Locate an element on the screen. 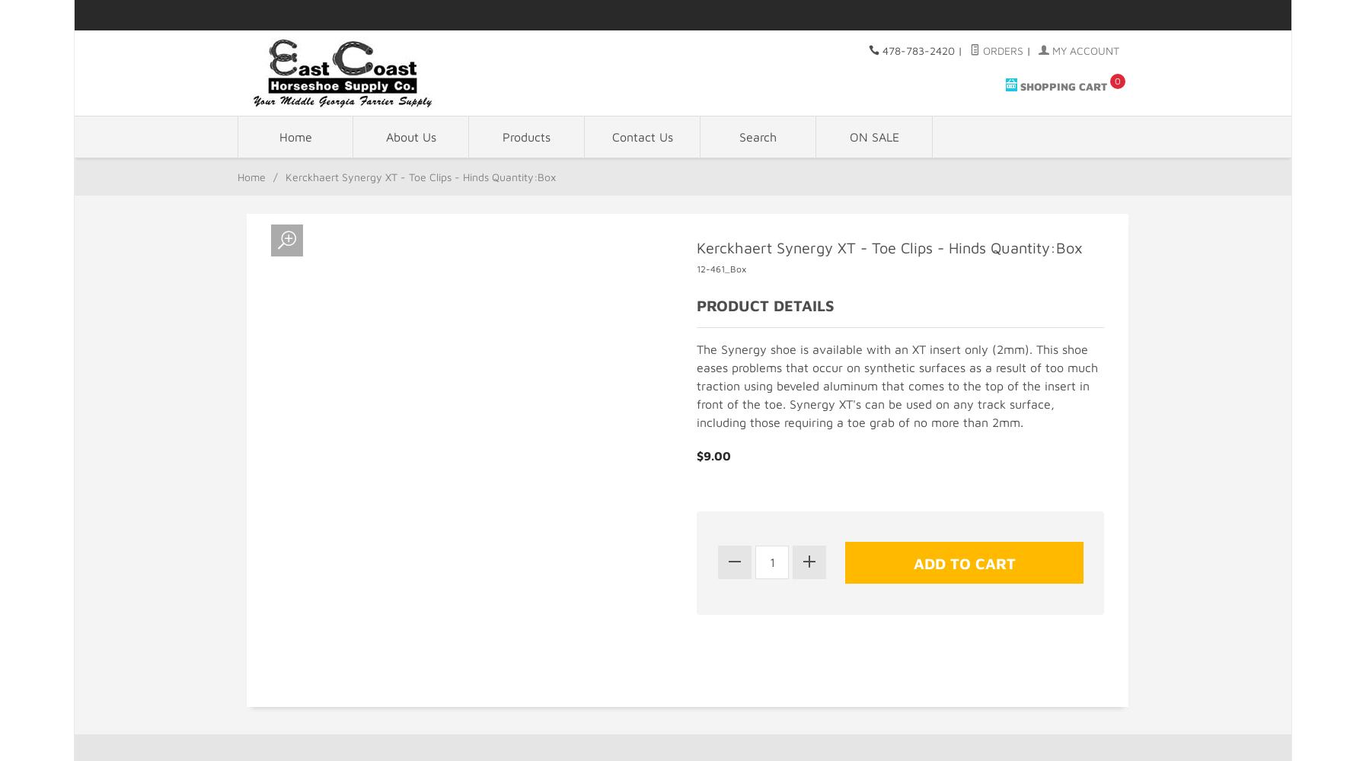 The image size is (1366, 761). 'ON SALE' is located at coordinates (847, 137).